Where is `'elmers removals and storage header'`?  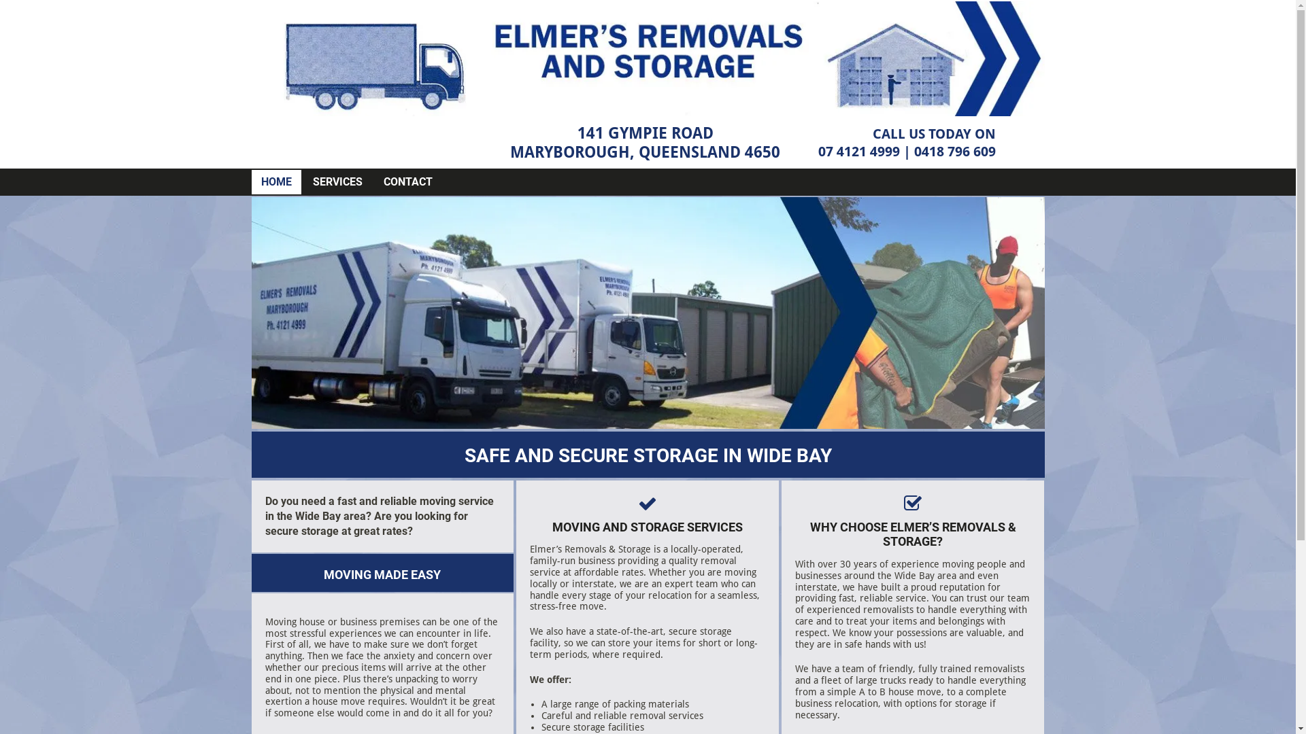 'elmers removals and storage header' is located at coordinates (648, 58).